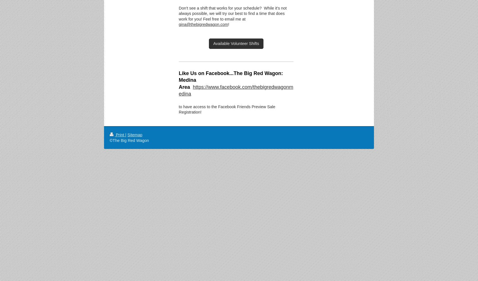 The height and width of the screenshot is (281, 478). What do you see at coordinates (129, 140) in the screenshot?
I see `'©The Big Red Wagon'` at bounding box center [129, 140].